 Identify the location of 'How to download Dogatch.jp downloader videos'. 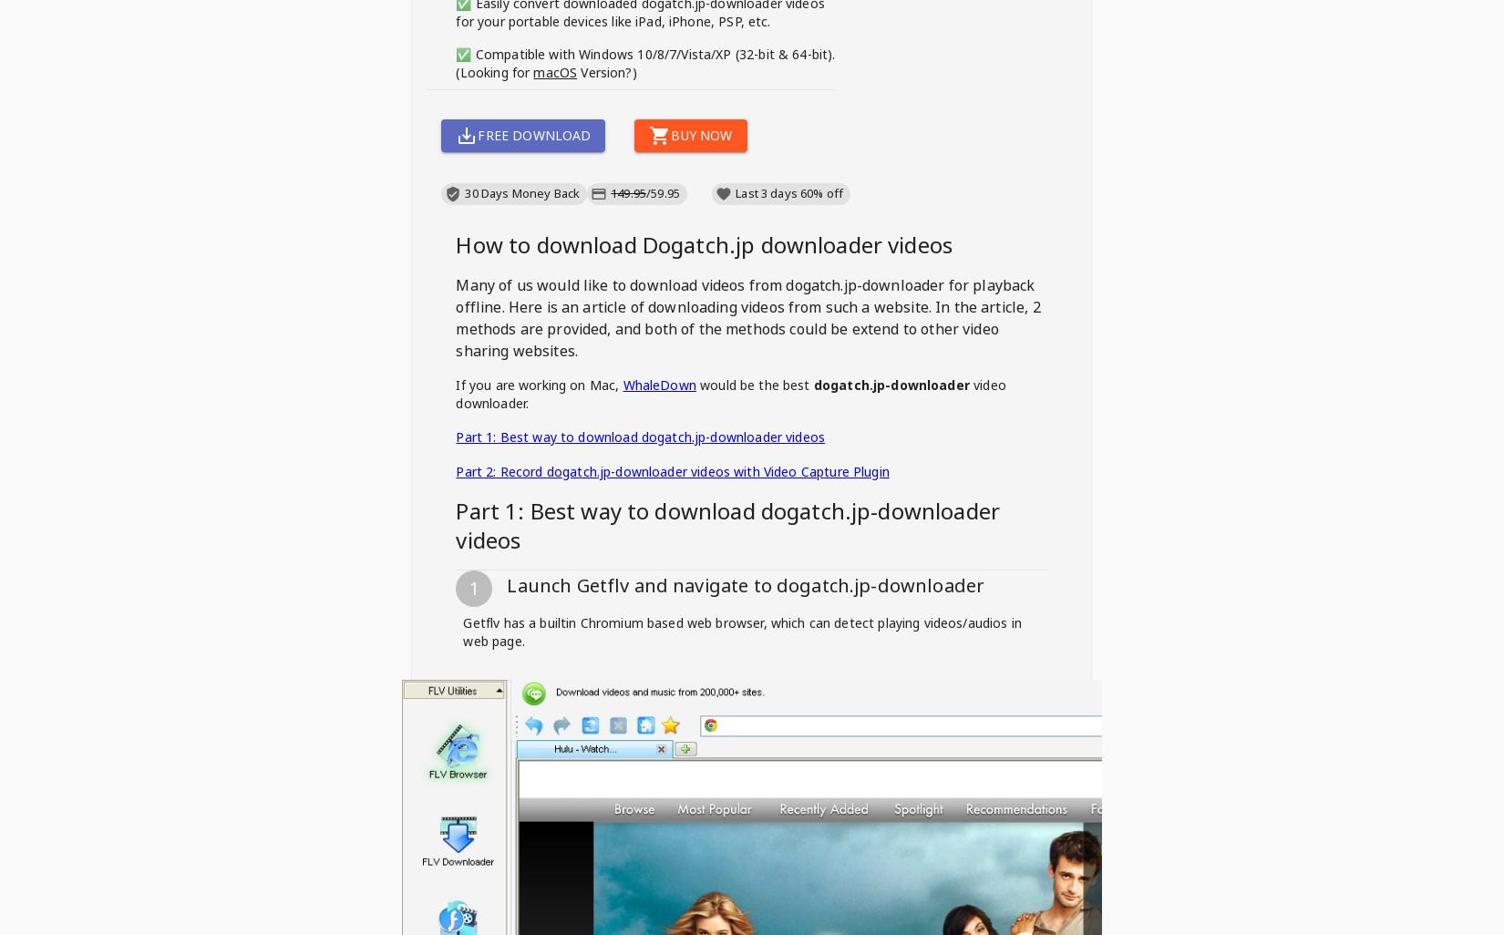
(703, 243).